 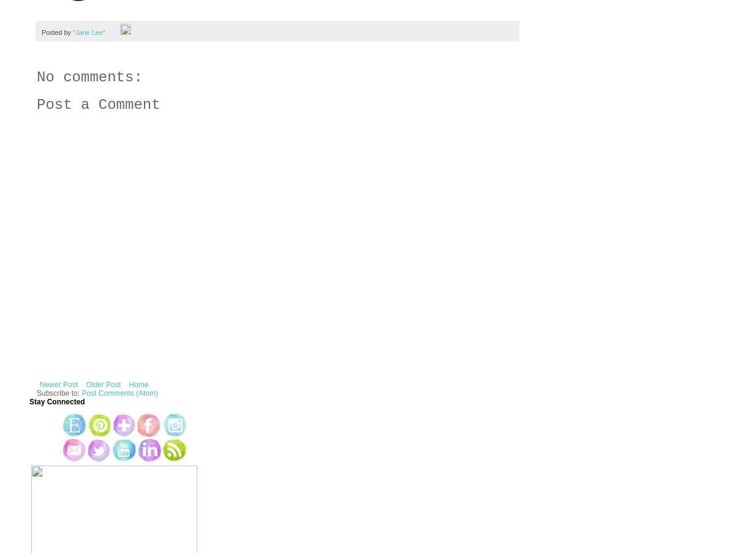 I want to click on 'Stay Connected', so click(x=56, y=402).